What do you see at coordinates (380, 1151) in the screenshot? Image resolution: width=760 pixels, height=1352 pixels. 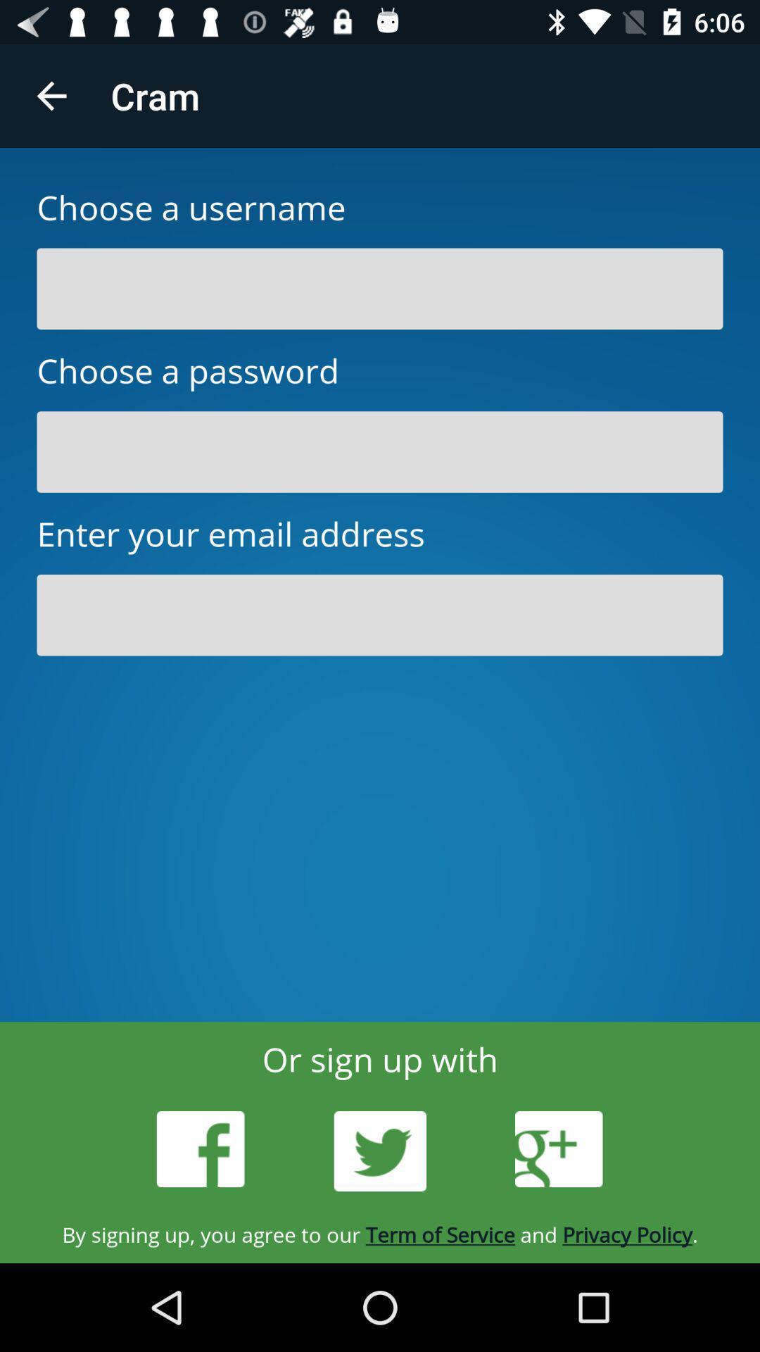 I see `the twitter icon` at bounding box center [380, 1151].